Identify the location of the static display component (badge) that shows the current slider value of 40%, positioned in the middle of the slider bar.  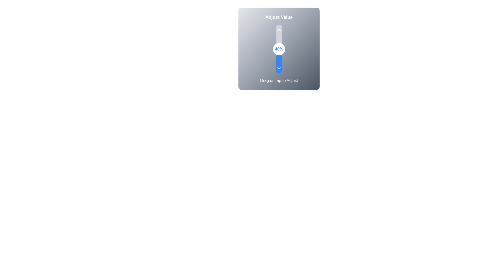
(279, 49).